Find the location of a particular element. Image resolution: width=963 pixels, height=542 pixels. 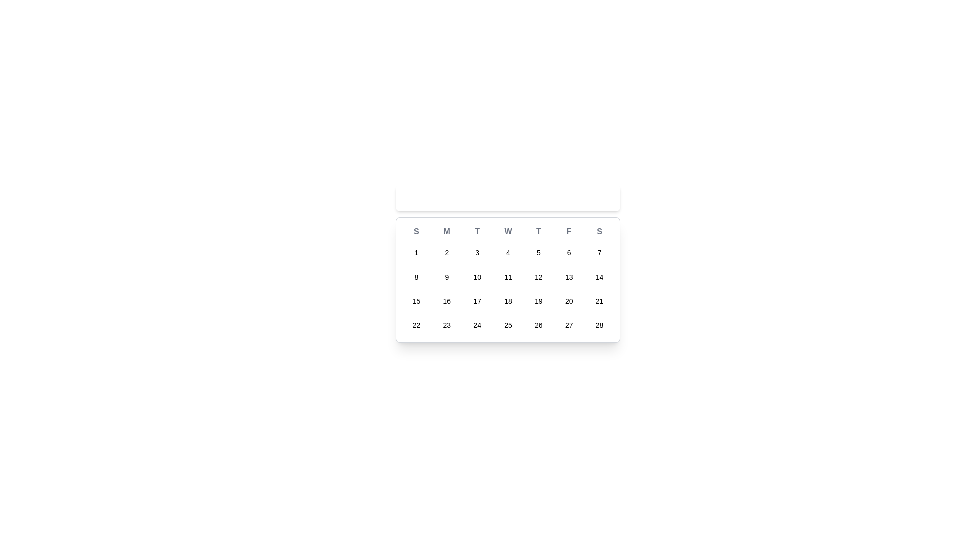

the button displaying the number '18' in the calendar grid is located at coordinates (508, 301).